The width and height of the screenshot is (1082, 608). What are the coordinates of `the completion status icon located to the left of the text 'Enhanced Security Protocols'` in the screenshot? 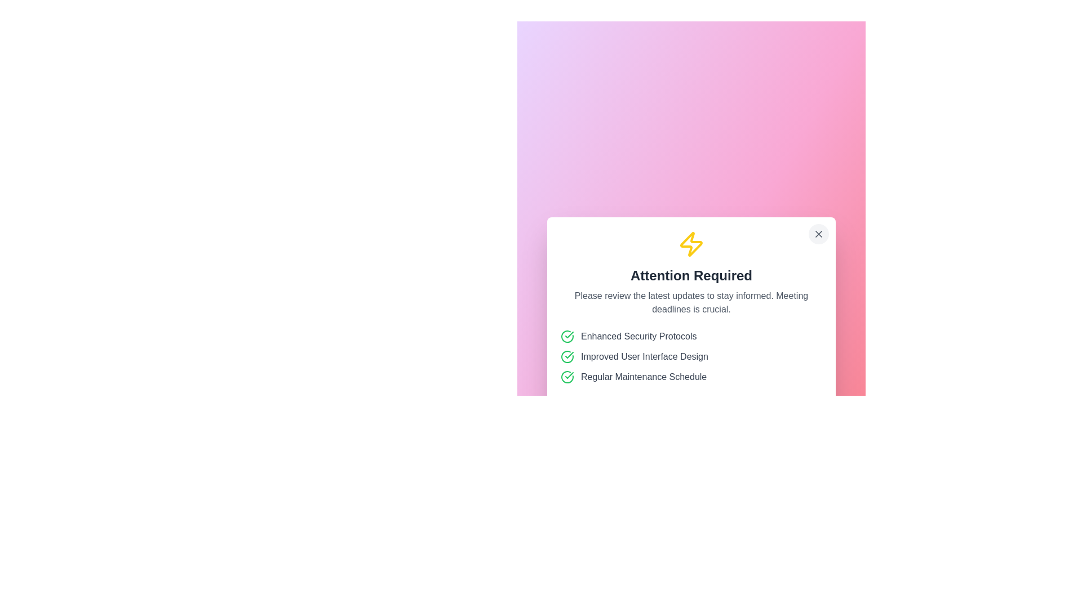 It's located at (567, 336).